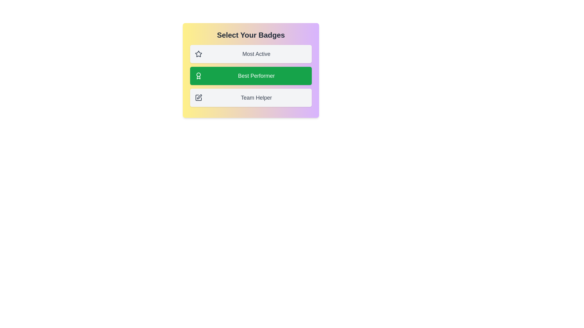 This screenshot has height=328, width=584. Describe the element at coordinates (251, 76) in the screenshot. I see `the badge item Best Performer` at that location.